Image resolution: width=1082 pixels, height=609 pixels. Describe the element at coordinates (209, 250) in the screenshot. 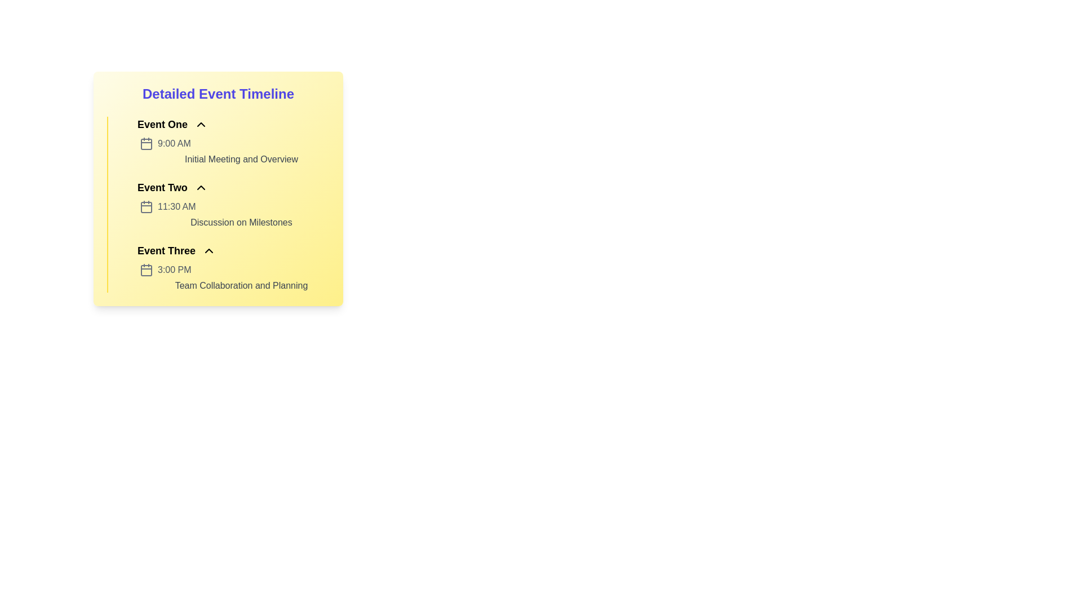

I see `the upward-pointing chevron icon in the 'Detailed Event Timeline' section, which is the third chevron beside the 'Event Three' label` at that location.